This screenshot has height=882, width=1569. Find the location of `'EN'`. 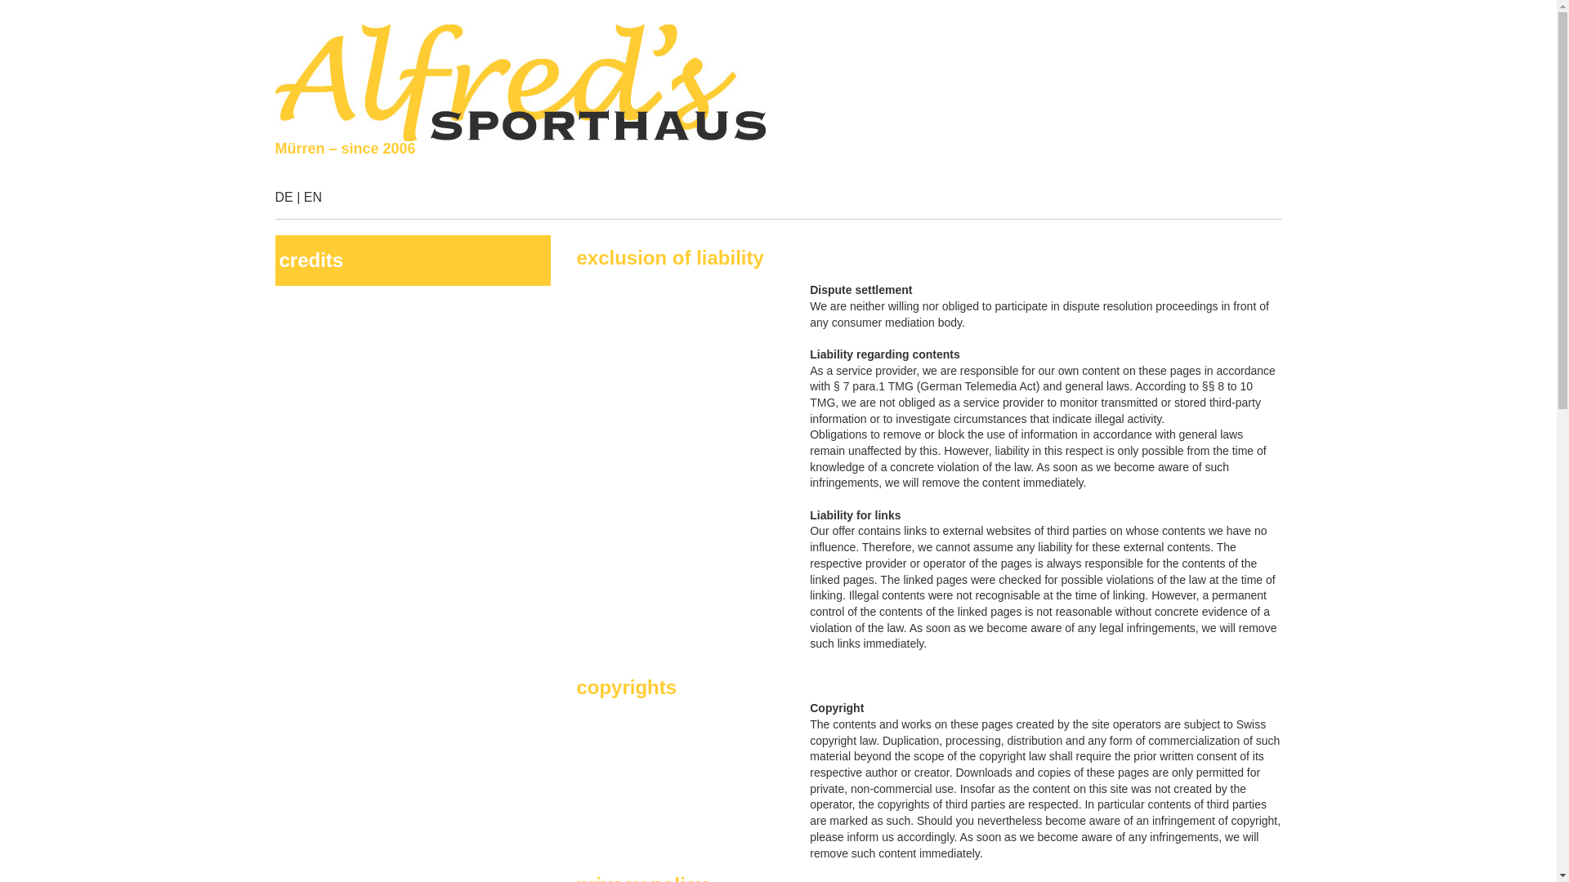

'EN' is located at coordinates (313, 196).